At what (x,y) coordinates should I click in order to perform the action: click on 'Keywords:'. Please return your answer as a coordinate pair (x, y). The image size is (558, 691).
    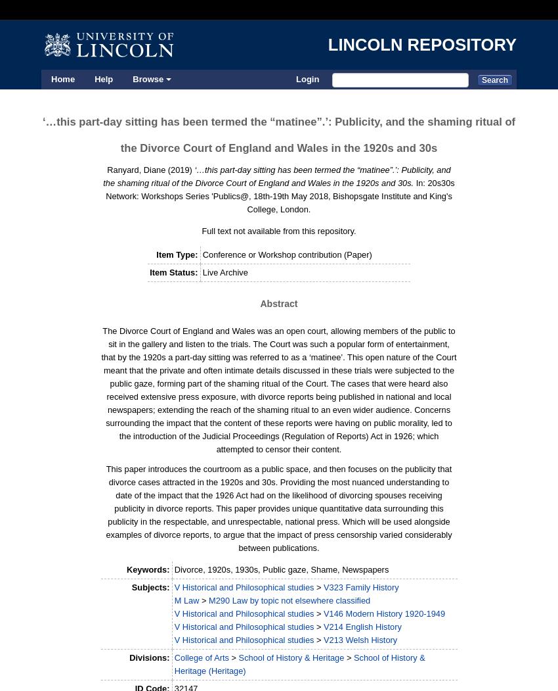
    Looking at the image, I should click on (147, 569).